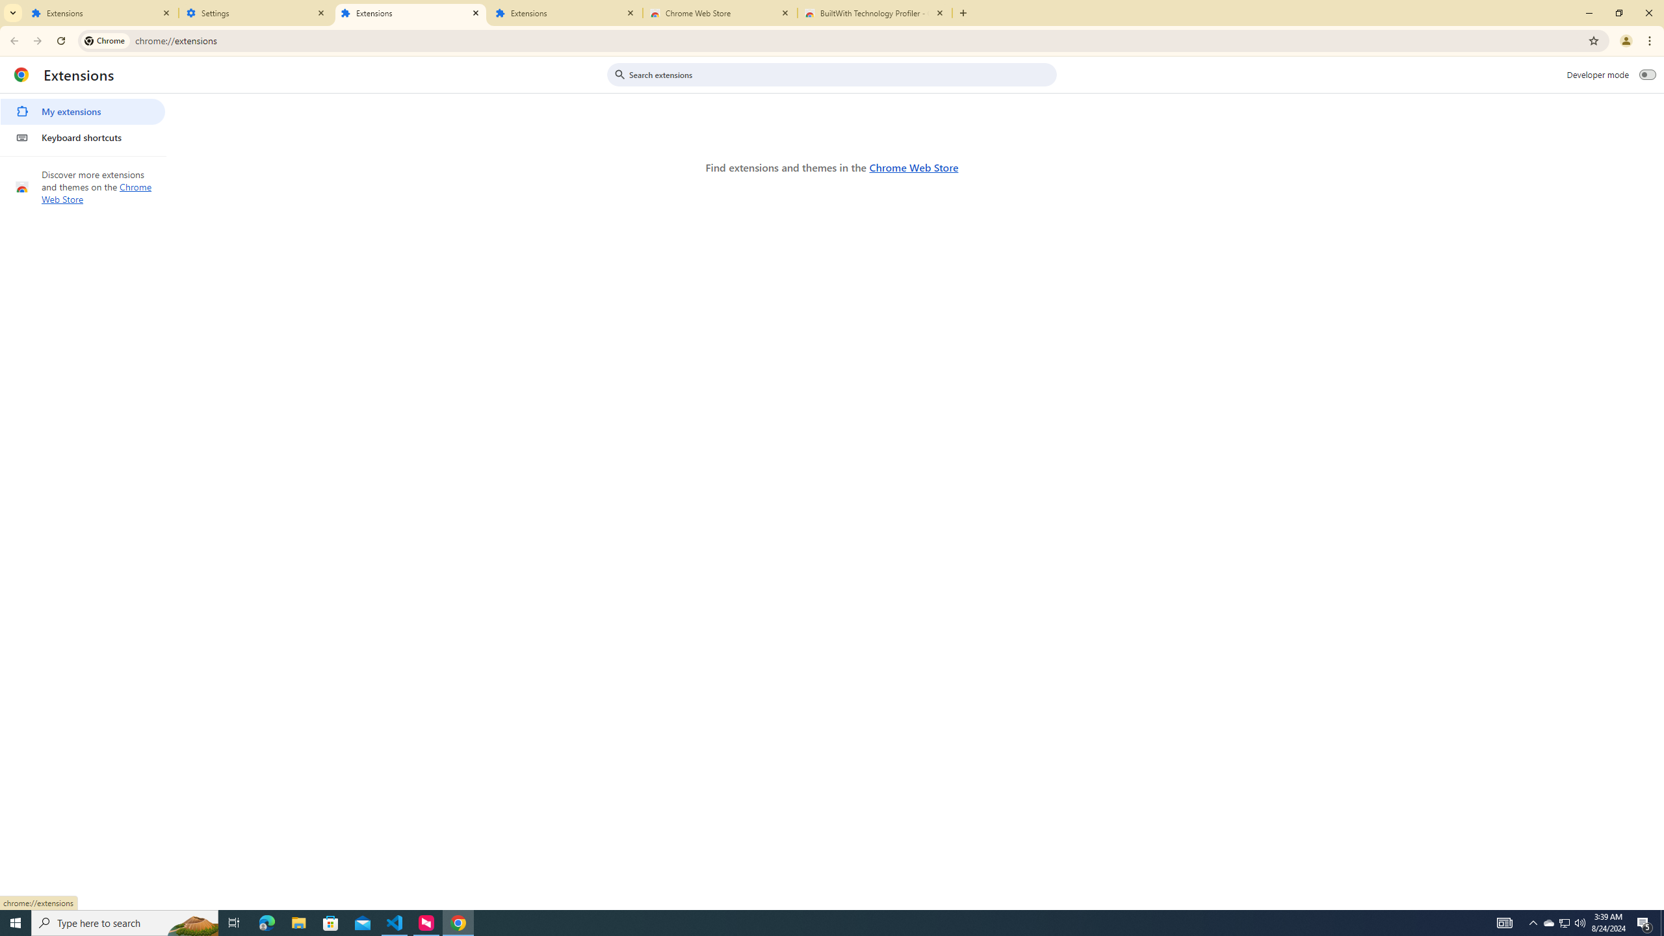 Image resolution: width=1664 pixels, height=936 pixels. I want to click on 'AutomationID: sectionMenu', so click(83, 122).